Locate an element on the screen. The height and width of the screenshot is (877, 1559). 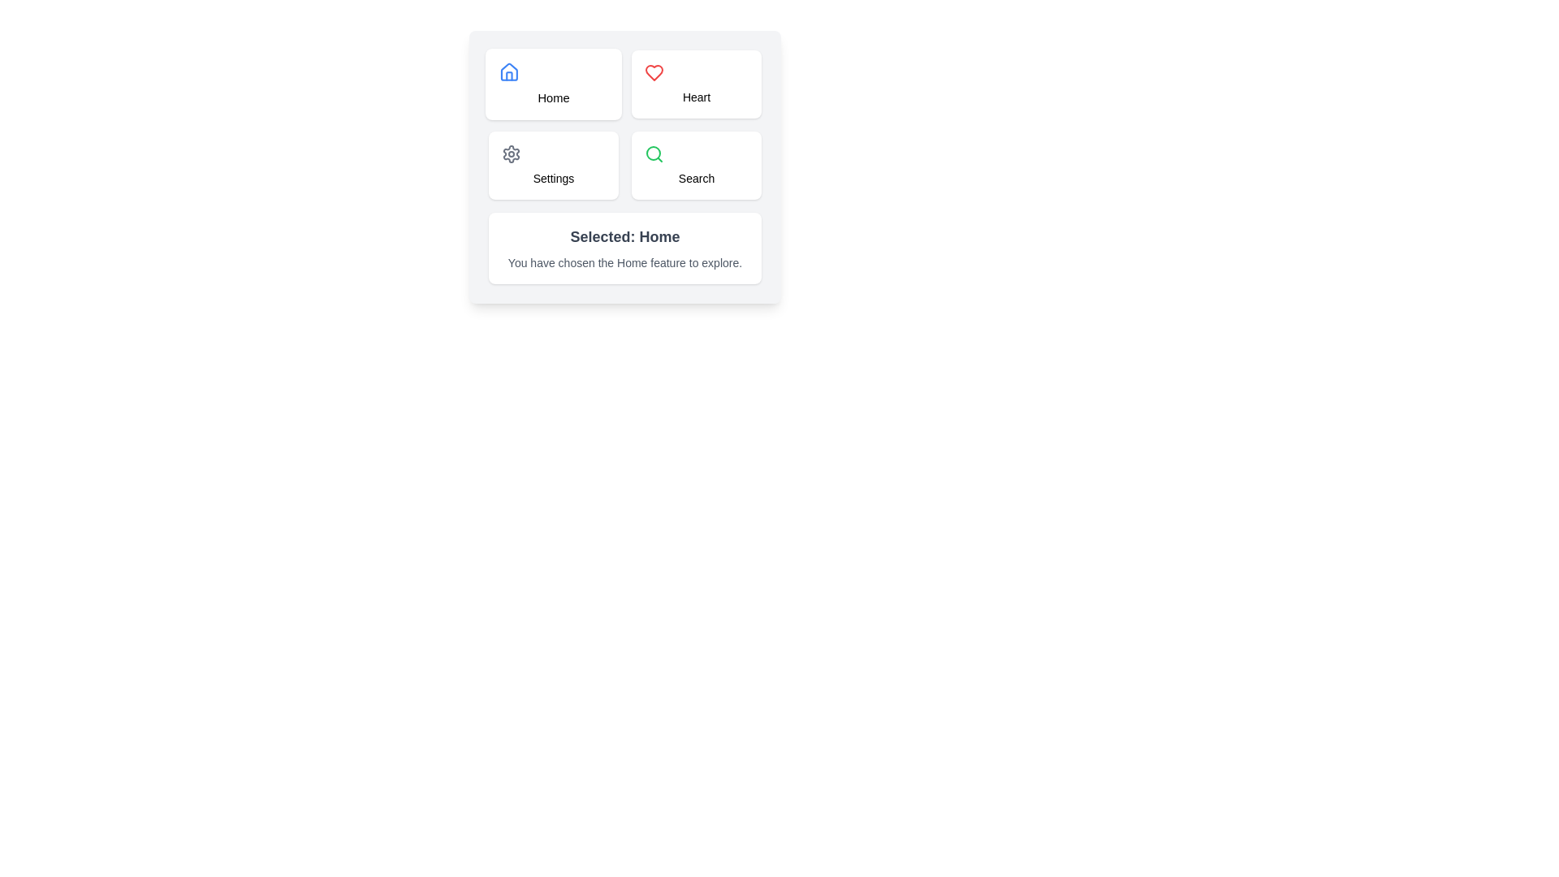
the Home icon located in the upper left corner of the button grid, which visually represents the Home feature of the UI is located at coordinates (508, 71).